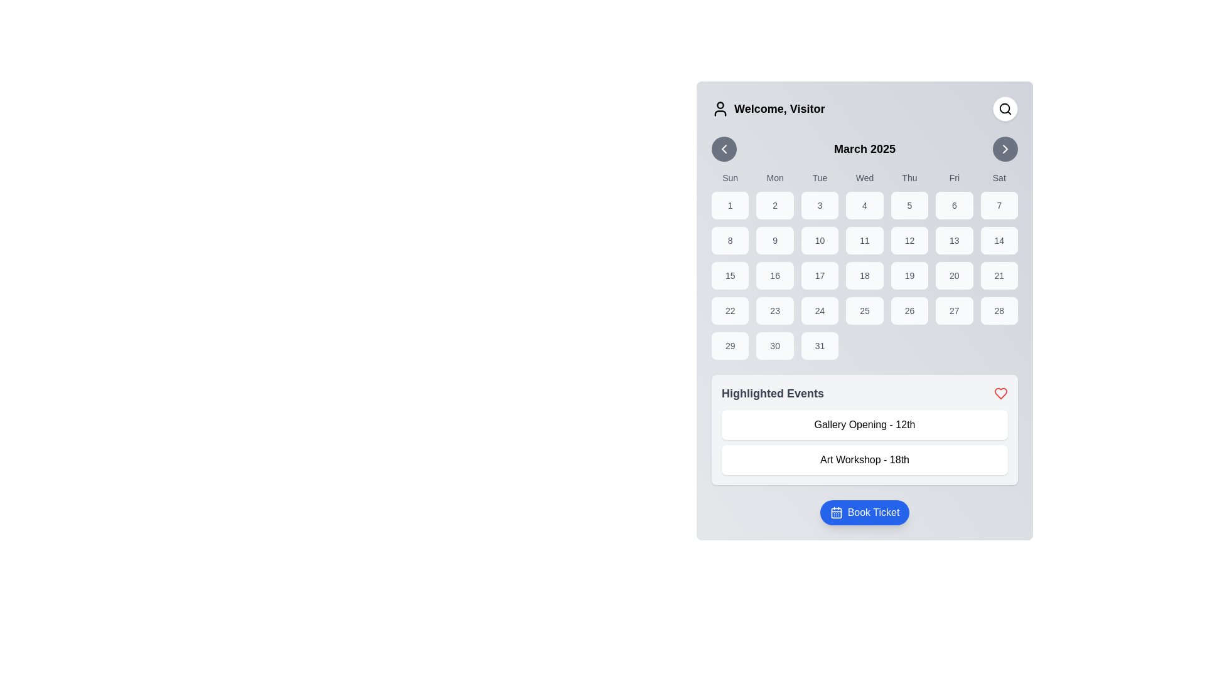  I want to click on the magnifying glass icon located in the top right corner of the interface within a rounded square button, so click(1005, 108).